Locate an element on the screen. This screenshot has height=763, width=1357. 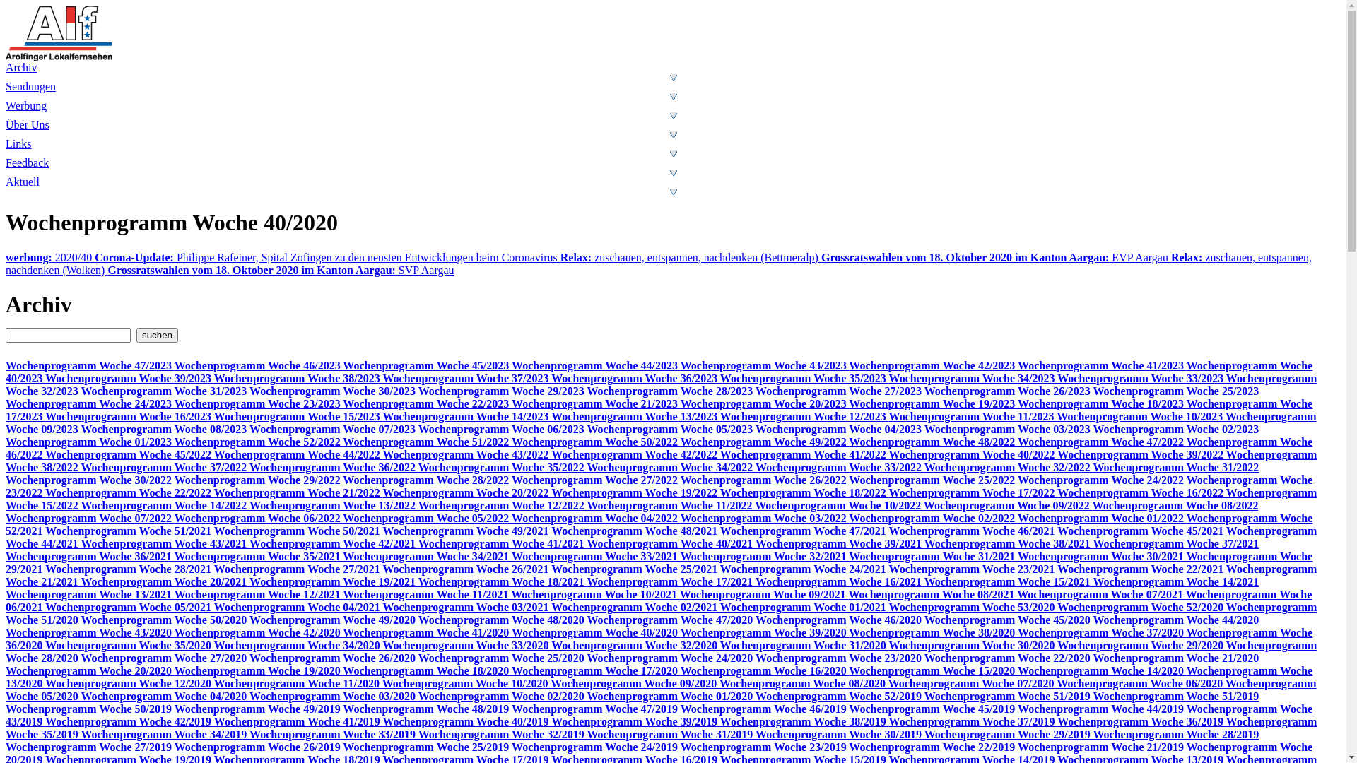
'Wochenprogramm Woche 21/2023' is located at coordinates (596, 403).